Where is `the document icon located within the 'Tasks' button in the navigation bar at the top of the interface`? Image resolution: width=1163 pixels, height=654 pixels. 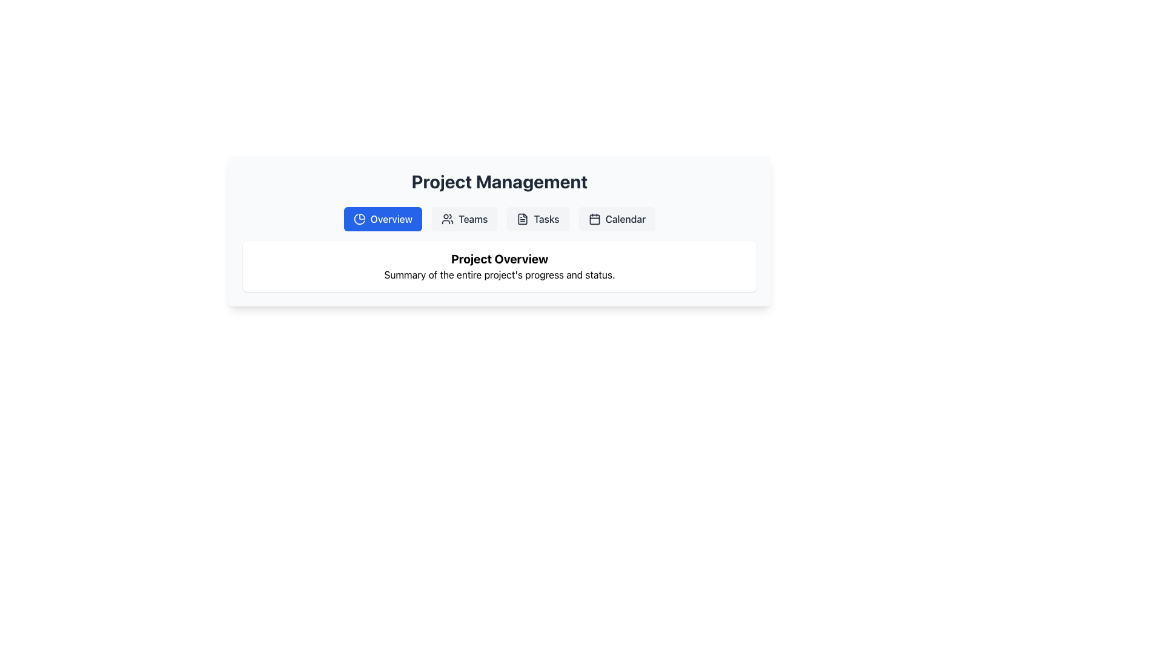
the document icon located within the 'Tasks' button in the navigation bar at the top of the interface is located at coordinates (523, 219).